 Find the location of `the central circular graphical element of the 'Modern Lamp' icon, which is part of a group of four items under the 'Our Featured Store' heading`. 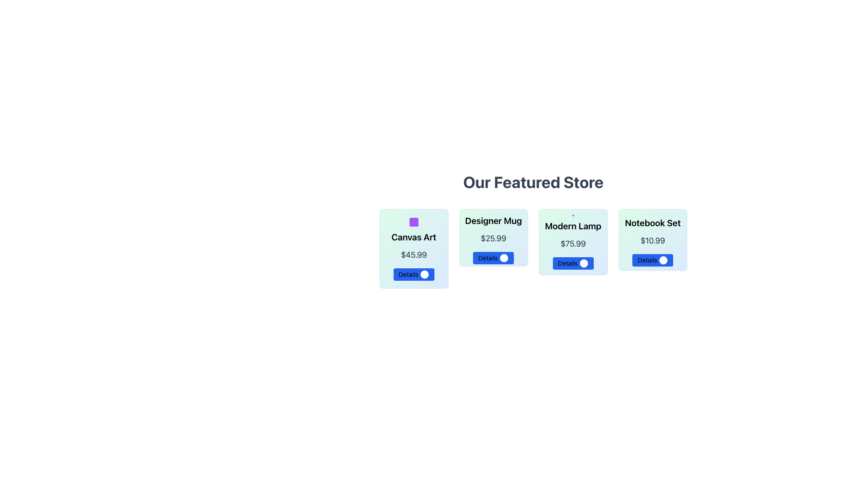

the central circular graphical element of the 'Modern Lamp' icon, which is part of a group of four items under the 'Our Featured Store' heading is located at coordinates (584, 263).